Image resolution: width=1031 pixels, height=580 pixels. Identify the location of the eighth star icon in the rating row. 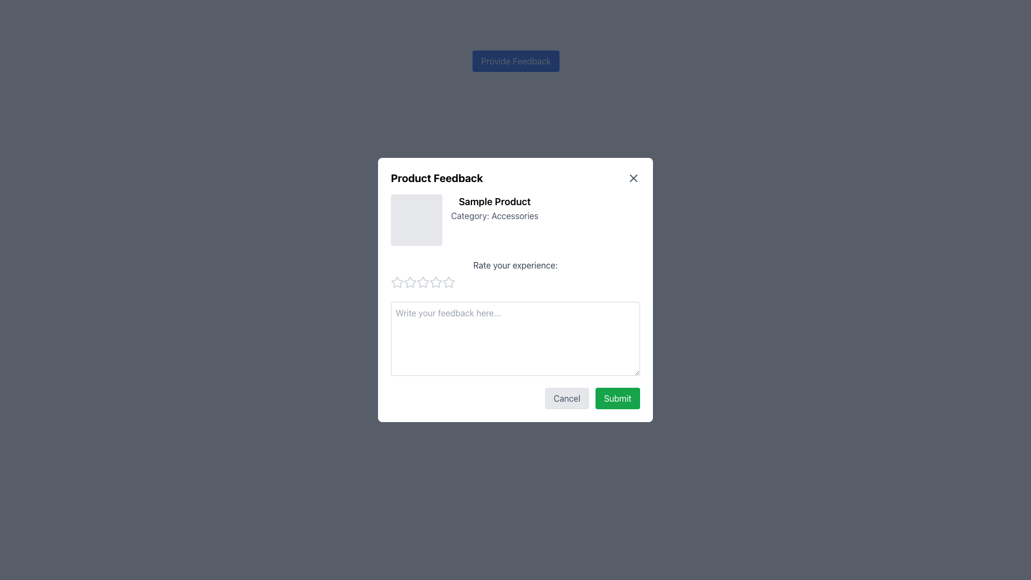
(448, 281).